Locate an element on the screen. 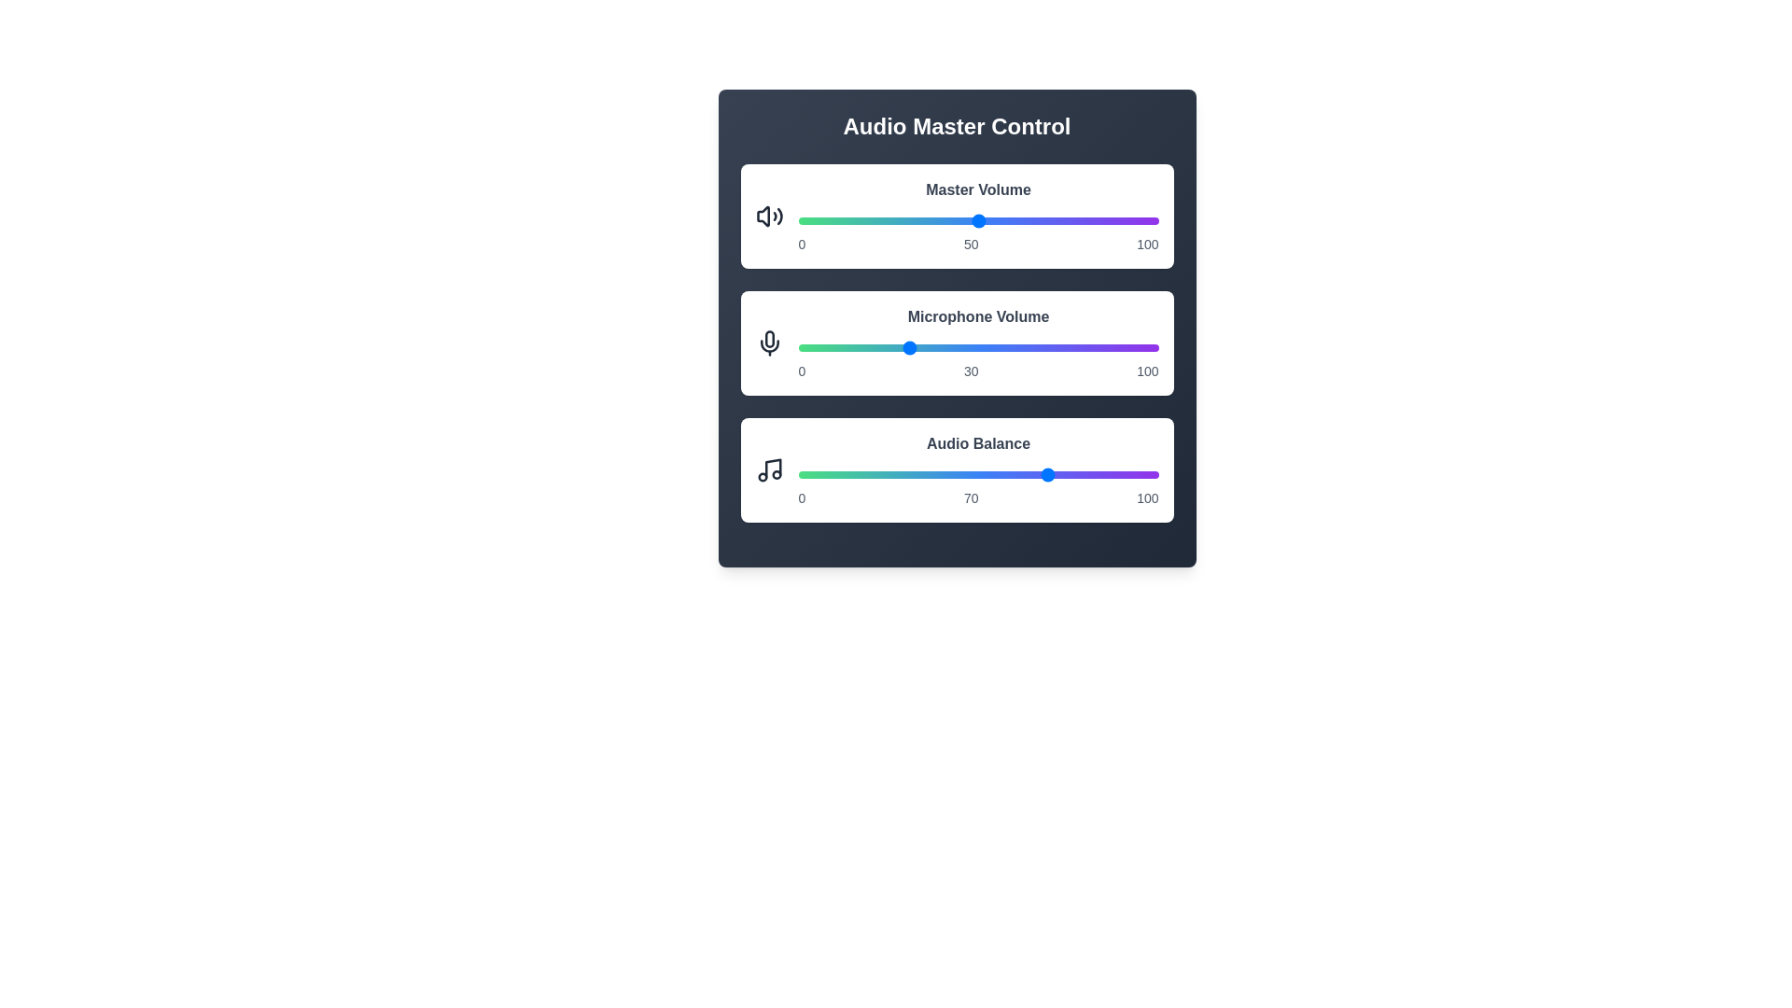 The height and width of the screenshot is (1008, 1792). the volume icon to focus on the respective control is located at coordinates (769, 215).